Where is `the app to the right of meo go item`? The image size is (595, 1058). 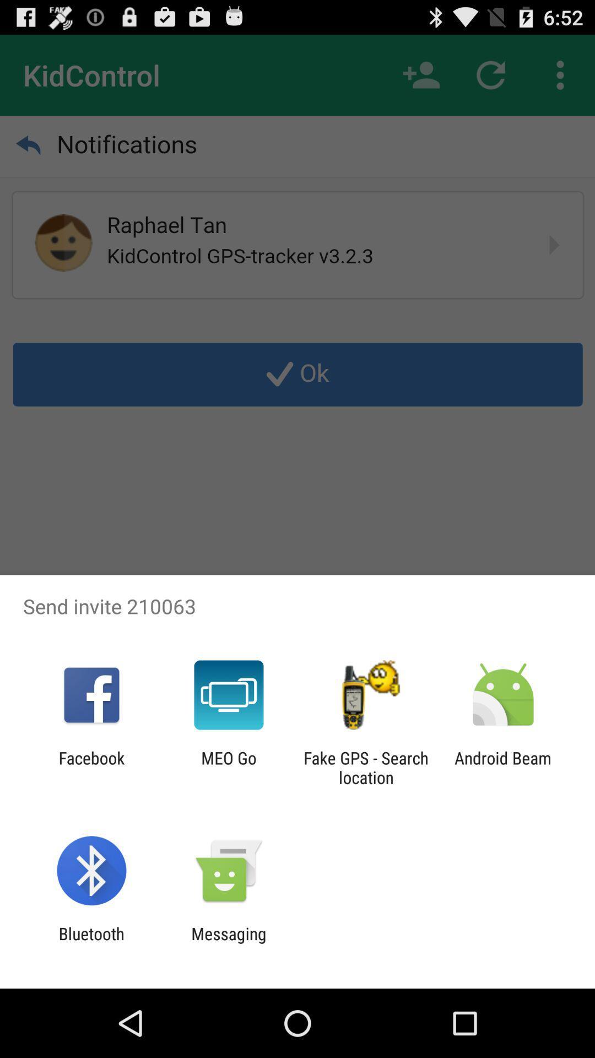 the app to the right of meo go item is located at coordinates (366, 767).